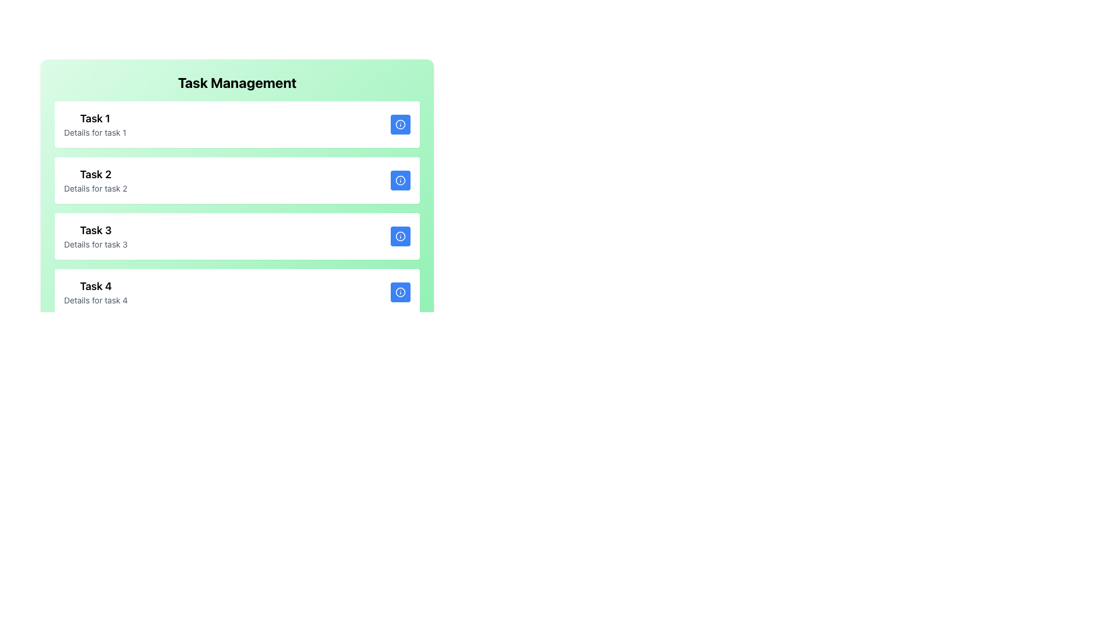 The height and width of the screenshot is (629, 1118). I want to click on the circular SVG element that is part of the info icon located on the far right of the row labeled 'Task 4' in the task management interface, so click(400, 291).